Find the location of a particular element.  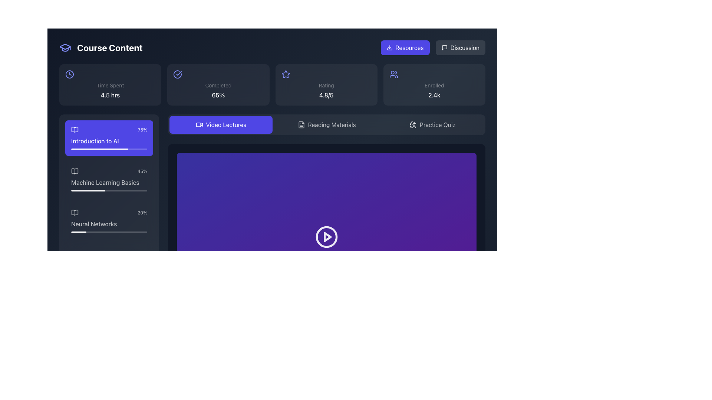

the progress bar segment representing the completed portion of the 'Machine Learning Basics' course module, located under the corresponding text on the sidebar is located at coordinates (88, 190).